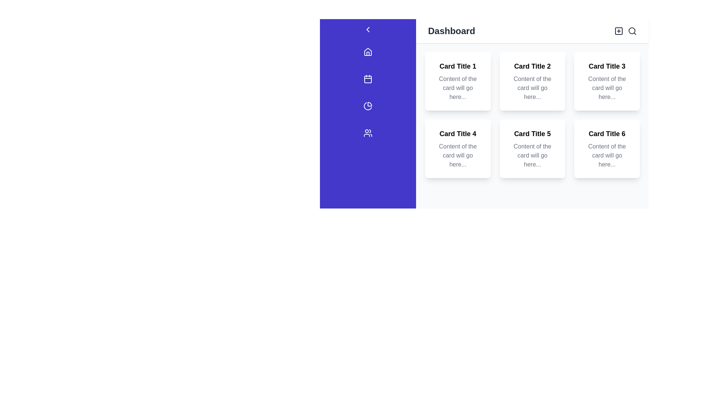  What do you see at coordinates (607, 81) in the screenshot?
I see `the third card titled 'Card Title 3' in the Dashboard section to focus or select this element` at bounding box center [607, 81].